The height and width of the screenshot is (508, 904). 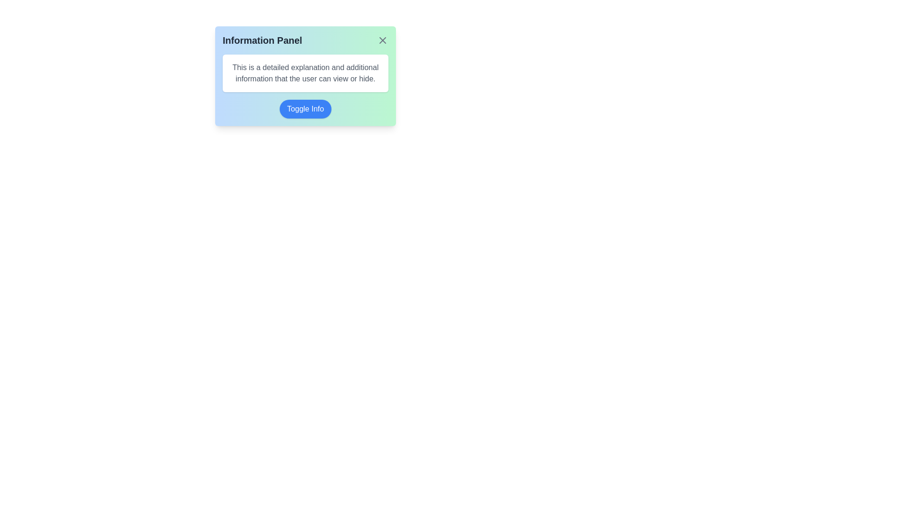 I want to click on the static Text block that provides detailed information or instructions to the user, which is centered above the 'Toggle Info' button and below the 'Information Panel' title, so click(x=305, y=72).